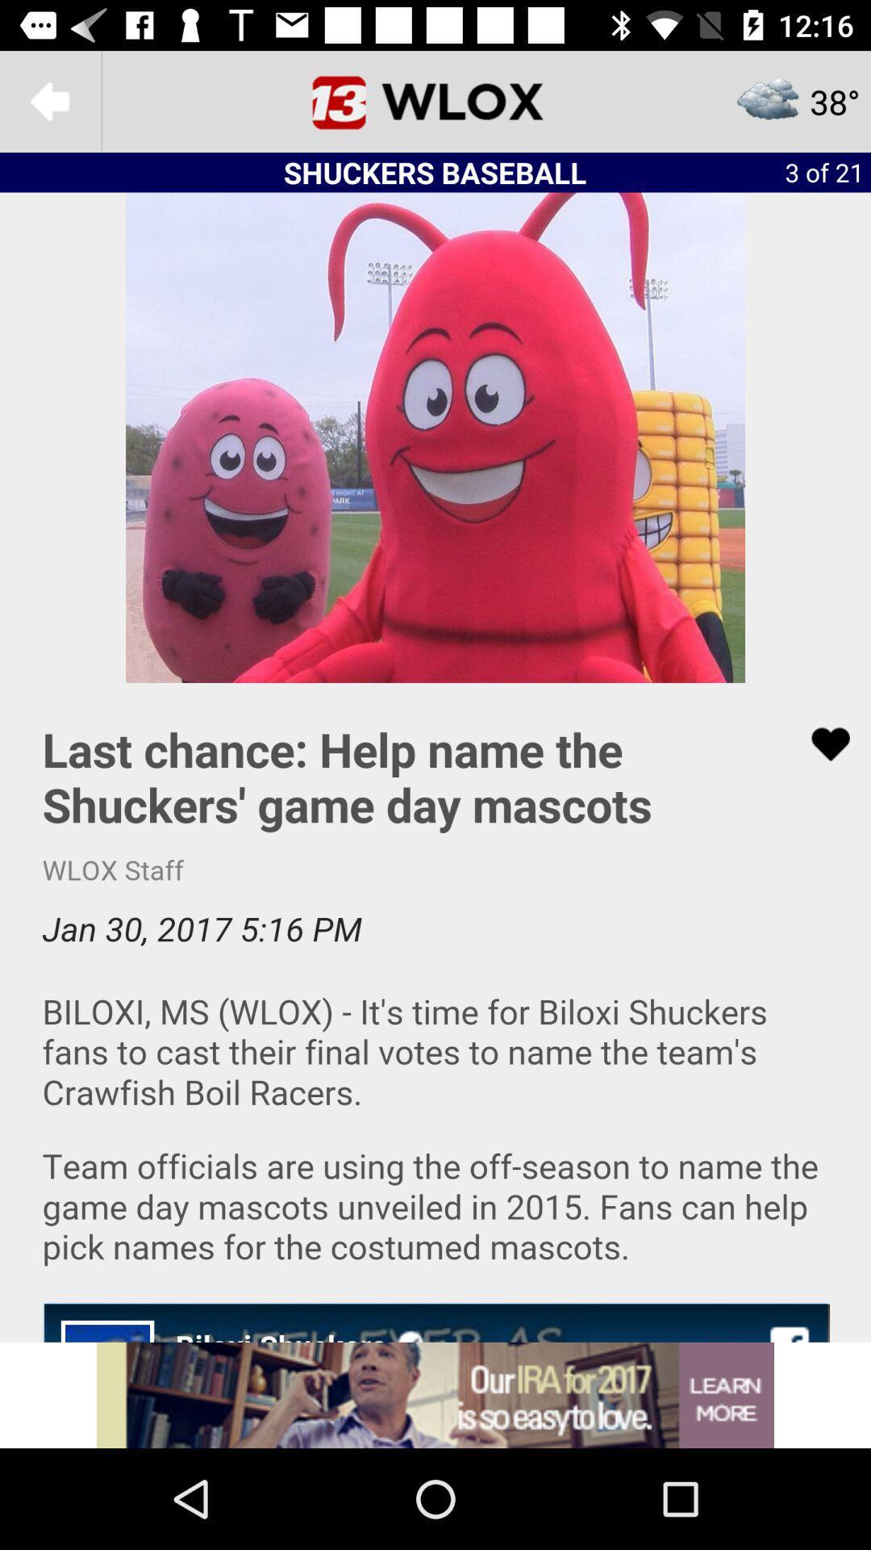 The width and height of the screenshot is (871, 1550). What do you see at coordinates (435, 1012) in the screenshot?
I see `read article` at bounding box center [435, 1012].